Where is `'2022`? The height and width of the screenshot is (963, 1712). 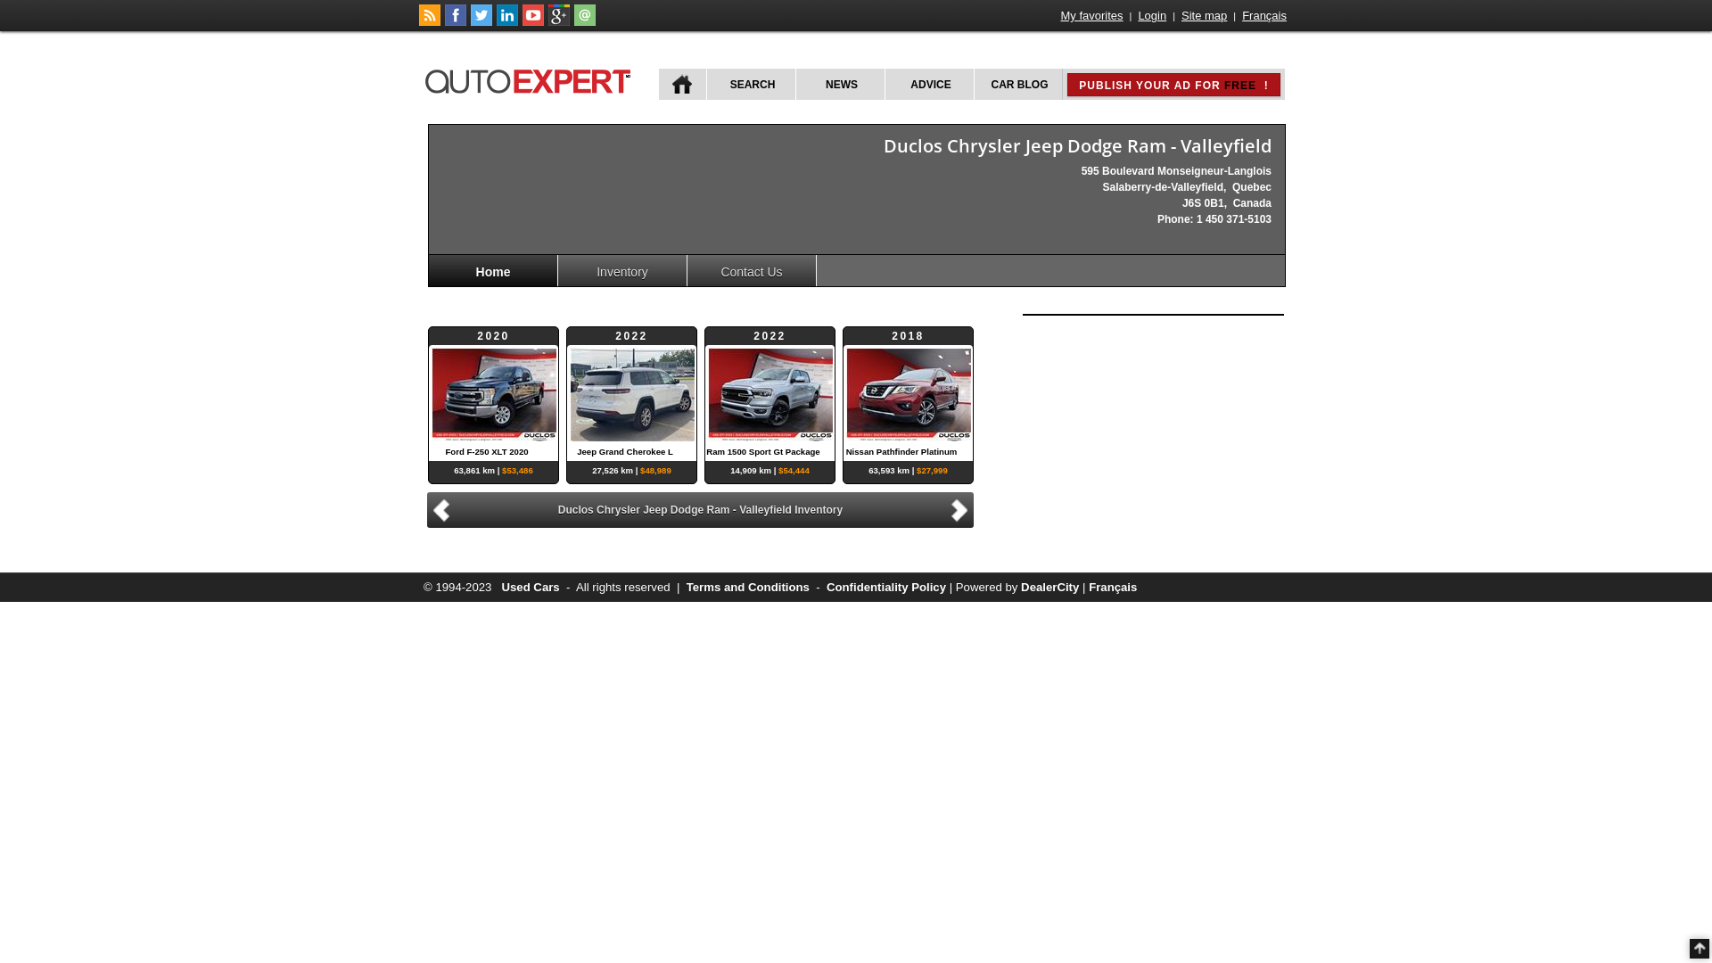 '2022 is located at coordinates (704, 393).